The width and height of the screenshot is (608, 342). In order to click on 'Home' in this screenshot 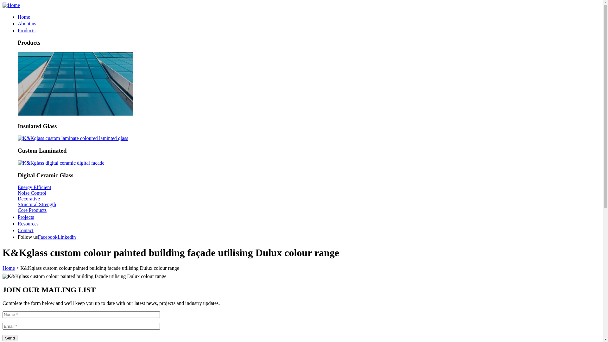, I will do `click(24, 16)`.